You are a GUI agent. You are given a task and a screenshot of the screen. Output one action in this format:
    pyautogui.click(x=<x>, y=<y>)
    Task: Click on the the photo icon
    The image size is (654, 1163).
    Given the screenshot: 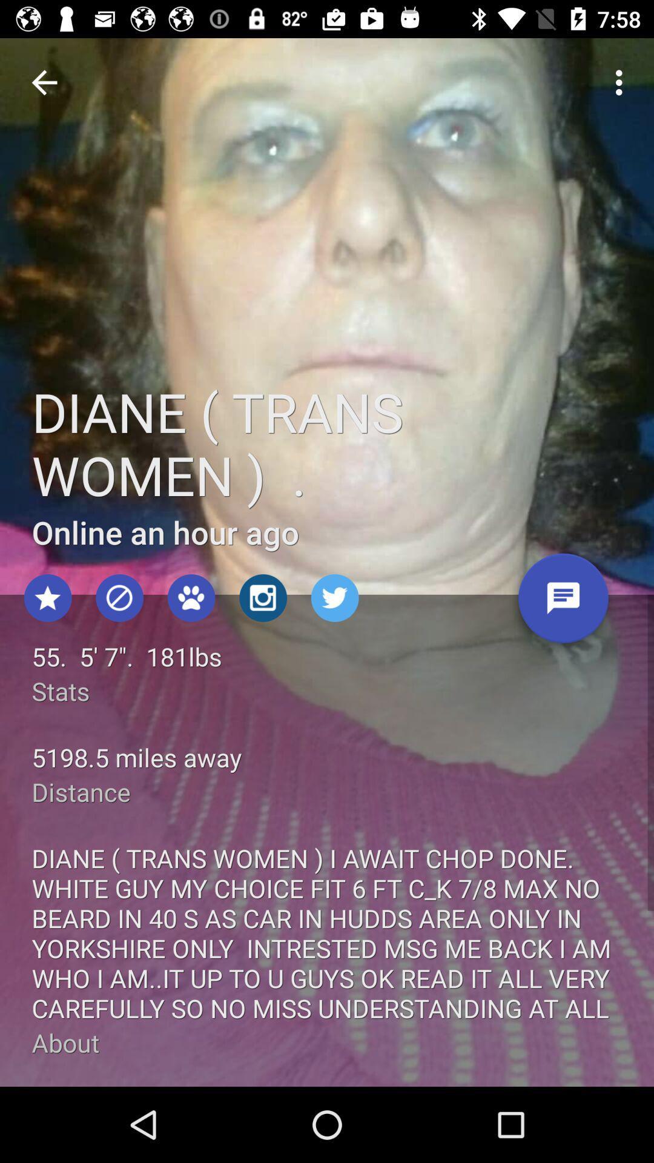 What is the action you would take?
    pyautogui.click(x=262, y=598)
    